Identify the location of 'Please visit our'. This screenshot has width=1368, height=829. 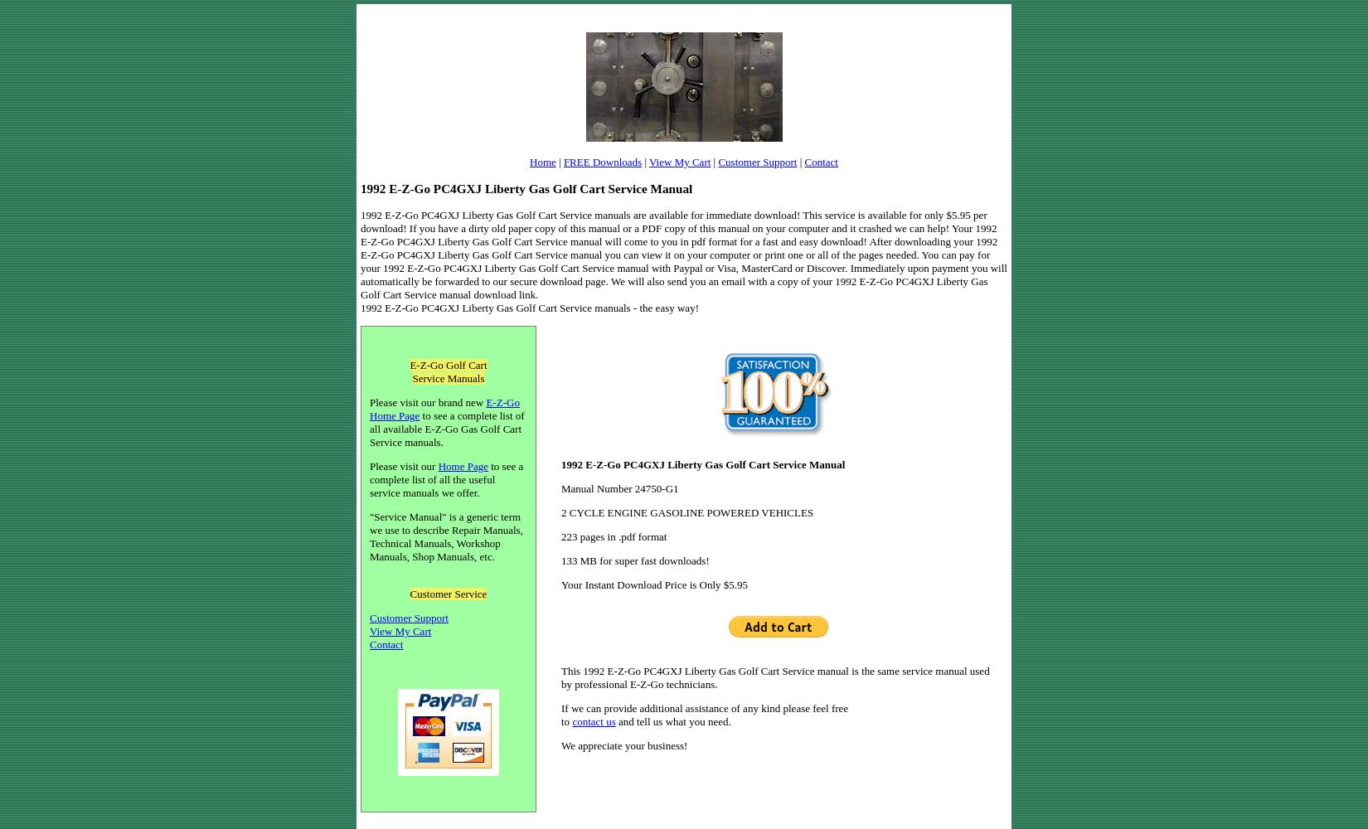
(403, 466).